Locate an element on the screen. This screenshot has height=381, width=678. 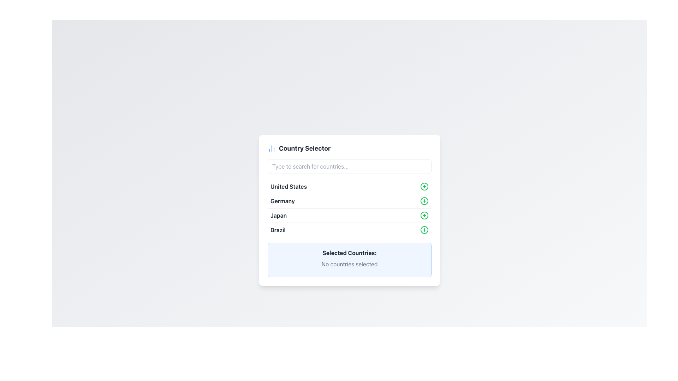
the button on the far right of the row displaying 'United States' is located at coordinates (424, 186).